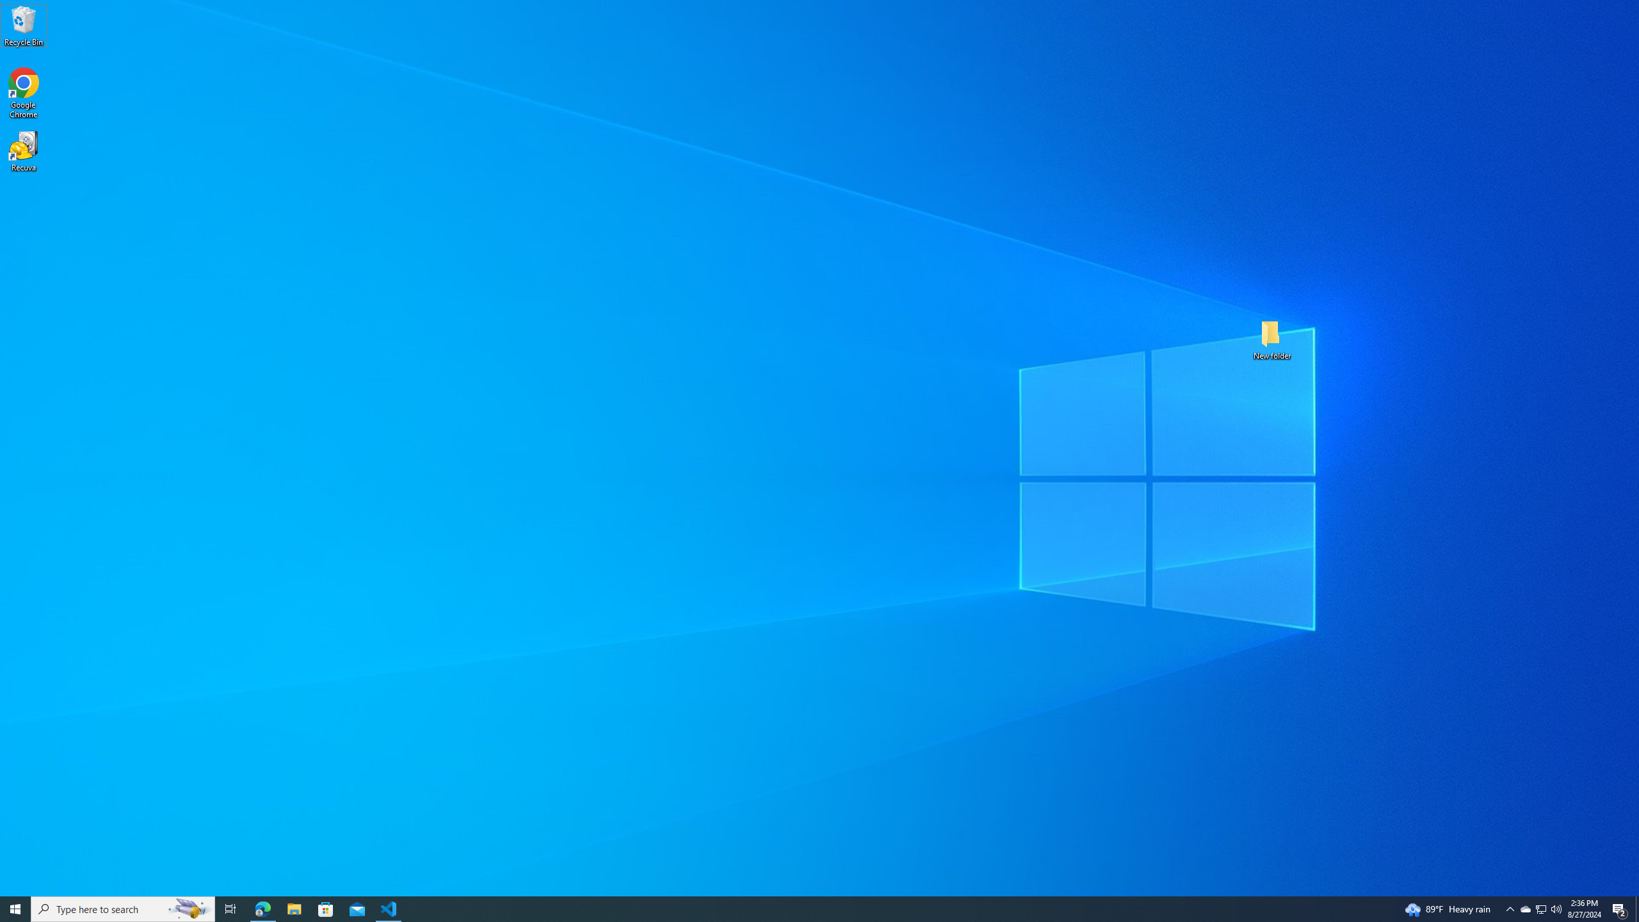 This screenshot has width=1639, height=922. What do you see at coordinates (229, 908) in the screenshot?
I see `'Task View'` at bounding box center [229, 908].